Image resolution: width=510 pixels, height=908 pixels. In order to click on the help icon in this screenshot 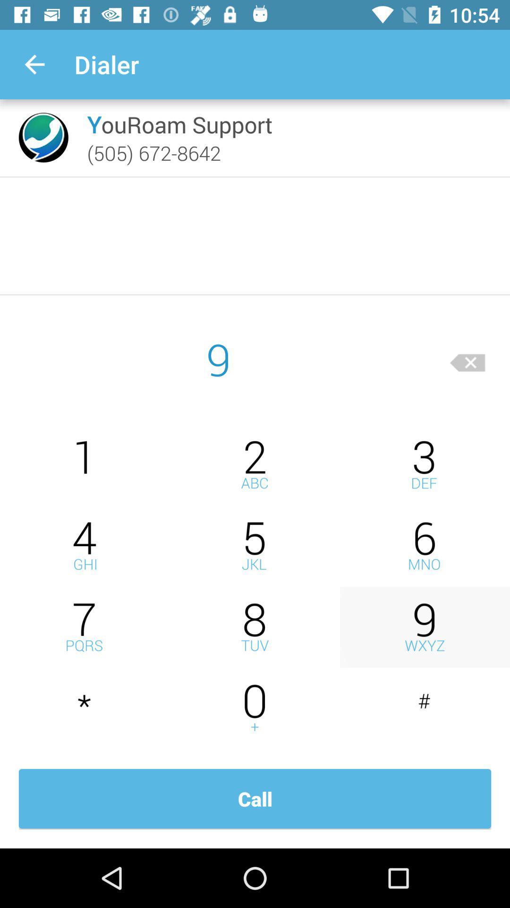, I will do `click(255, 464)`.